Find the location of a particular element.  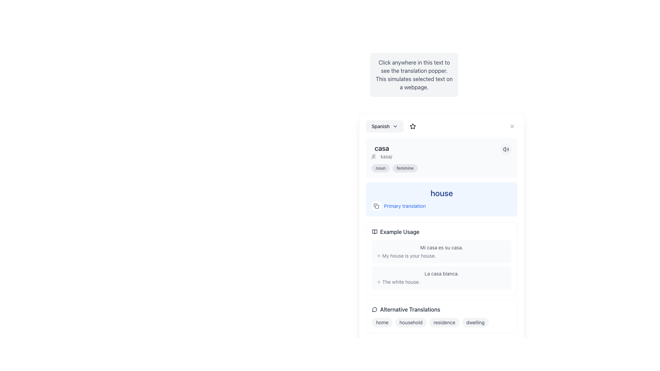

the copy button located to the left of the 'Primary translation' text to observe the hover effect is located at coordinates (376, 206).